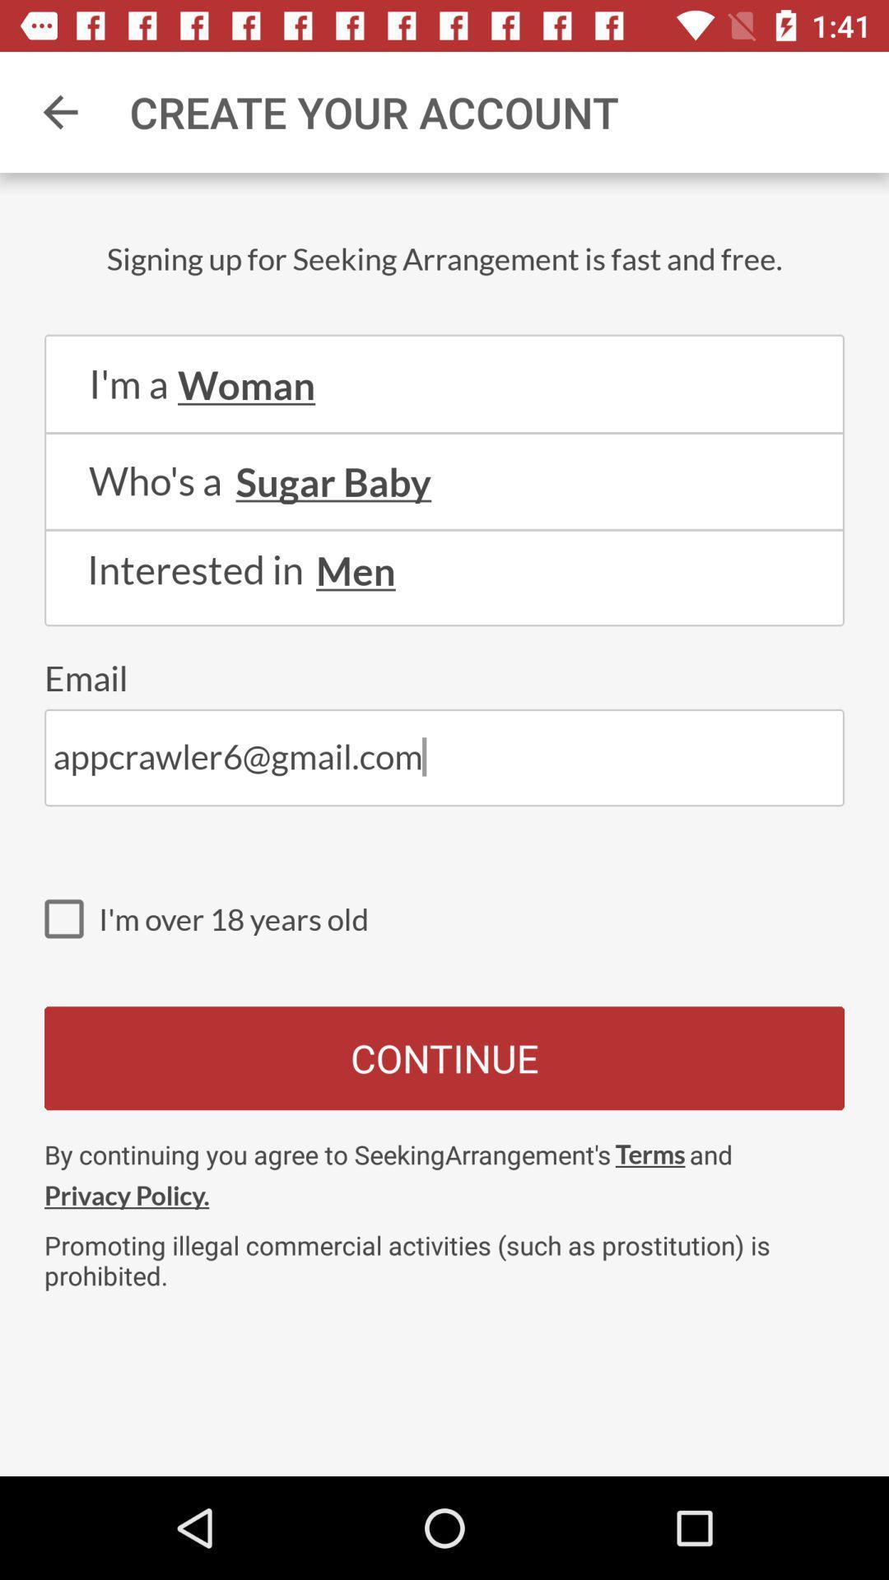 This screenshot has height=1580, width=889. I want to click on icon above the interested in item, so click(444, 530).